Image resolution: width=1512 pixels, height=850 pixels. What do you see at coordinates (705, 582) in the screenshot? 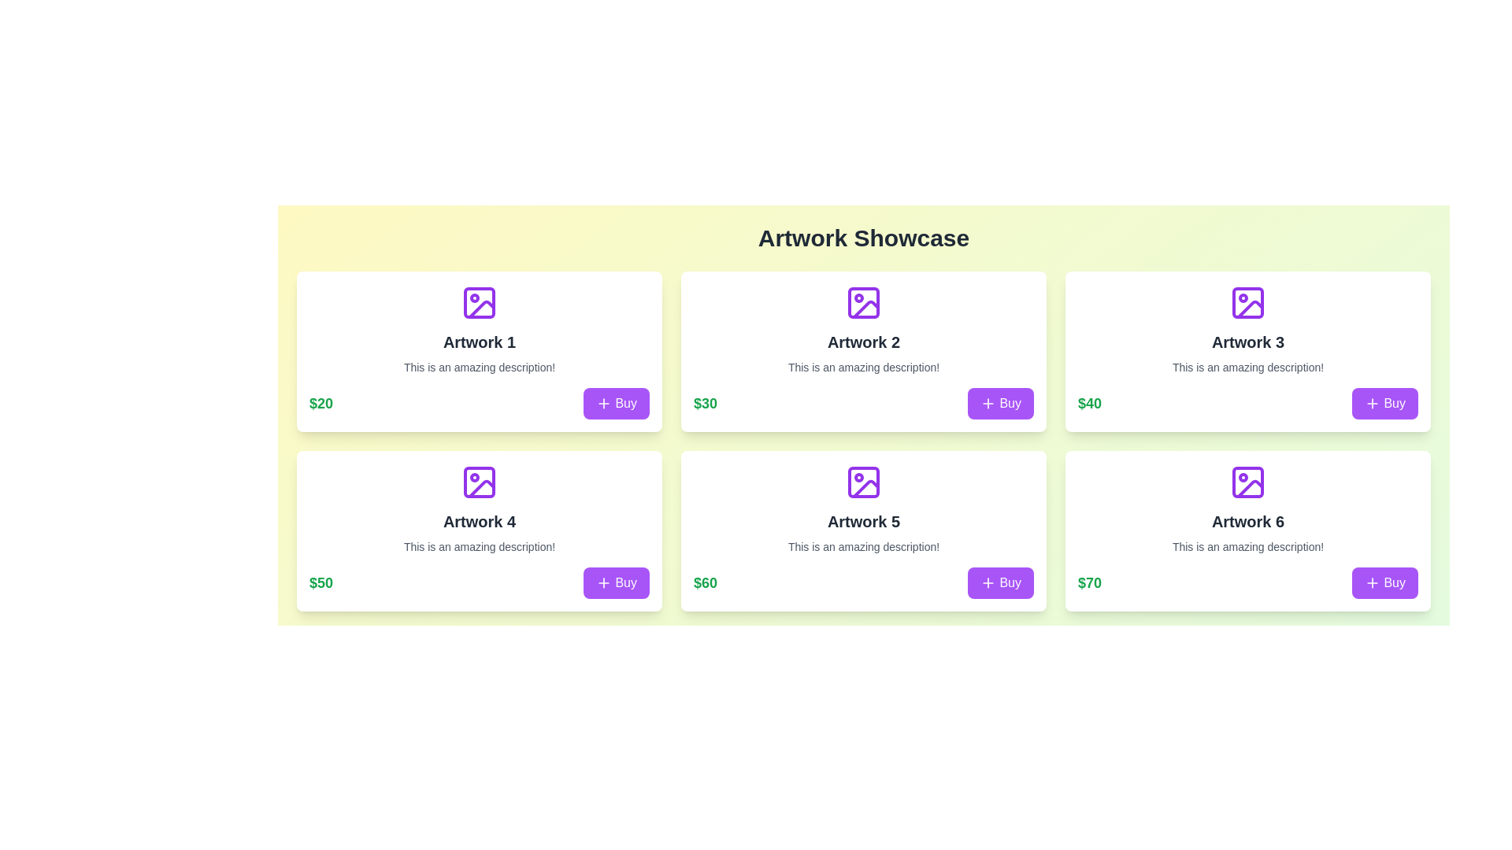
I see `the bold, green-colored text label displaying the amount '$60' located in the bottom-left corner of the card for 'Artwork 5', adjacent to the '+ Buy' button` at bounding box center [705, 582].